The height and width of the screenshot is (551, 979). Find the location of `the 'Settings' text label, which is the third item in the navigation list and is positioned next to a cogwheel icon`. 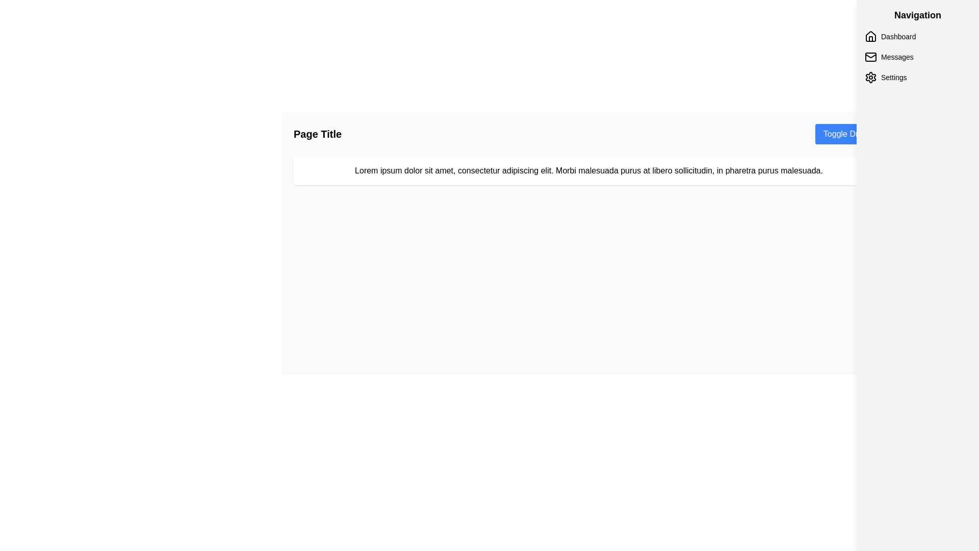

the 'Settings' text label, which is the third item in the navigation list and is positioned next to a cogwheel icon is located at coordinates (893, 77).